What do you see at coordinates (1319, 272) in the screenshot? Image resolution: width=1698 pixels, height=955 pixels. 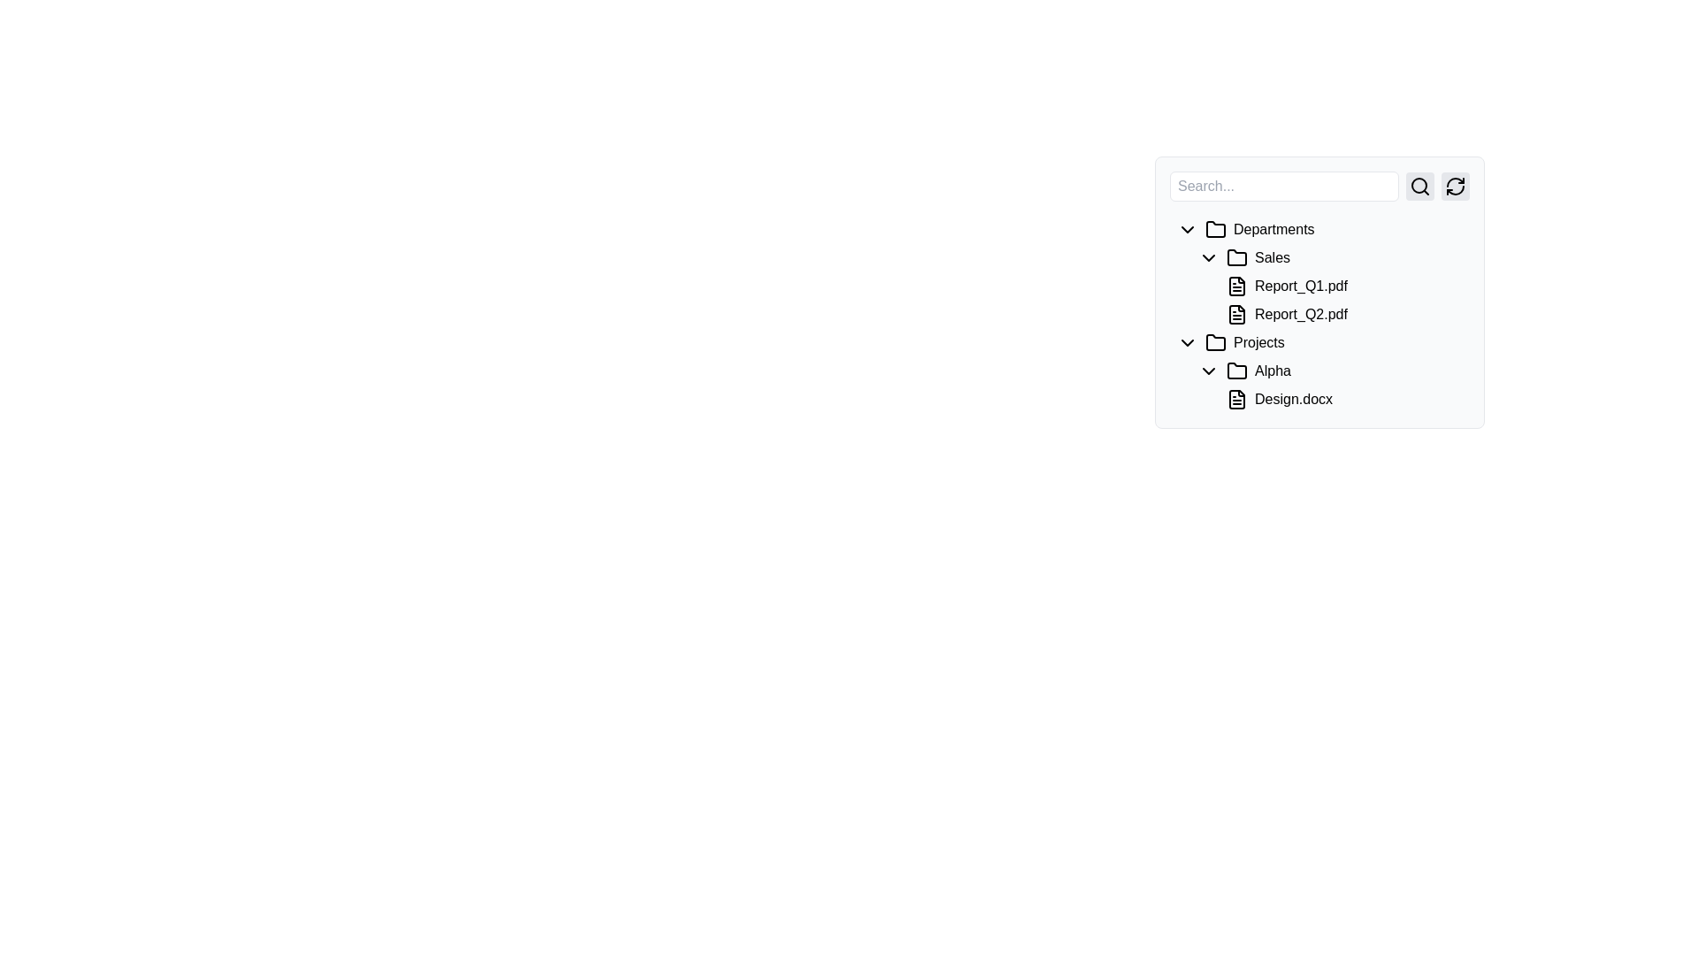 I see `on the list item representing the file 'Report_Q1.pdf' located under the 'Sales' folder in the hierarchical tree structure` at bounding box center [1319, 272].